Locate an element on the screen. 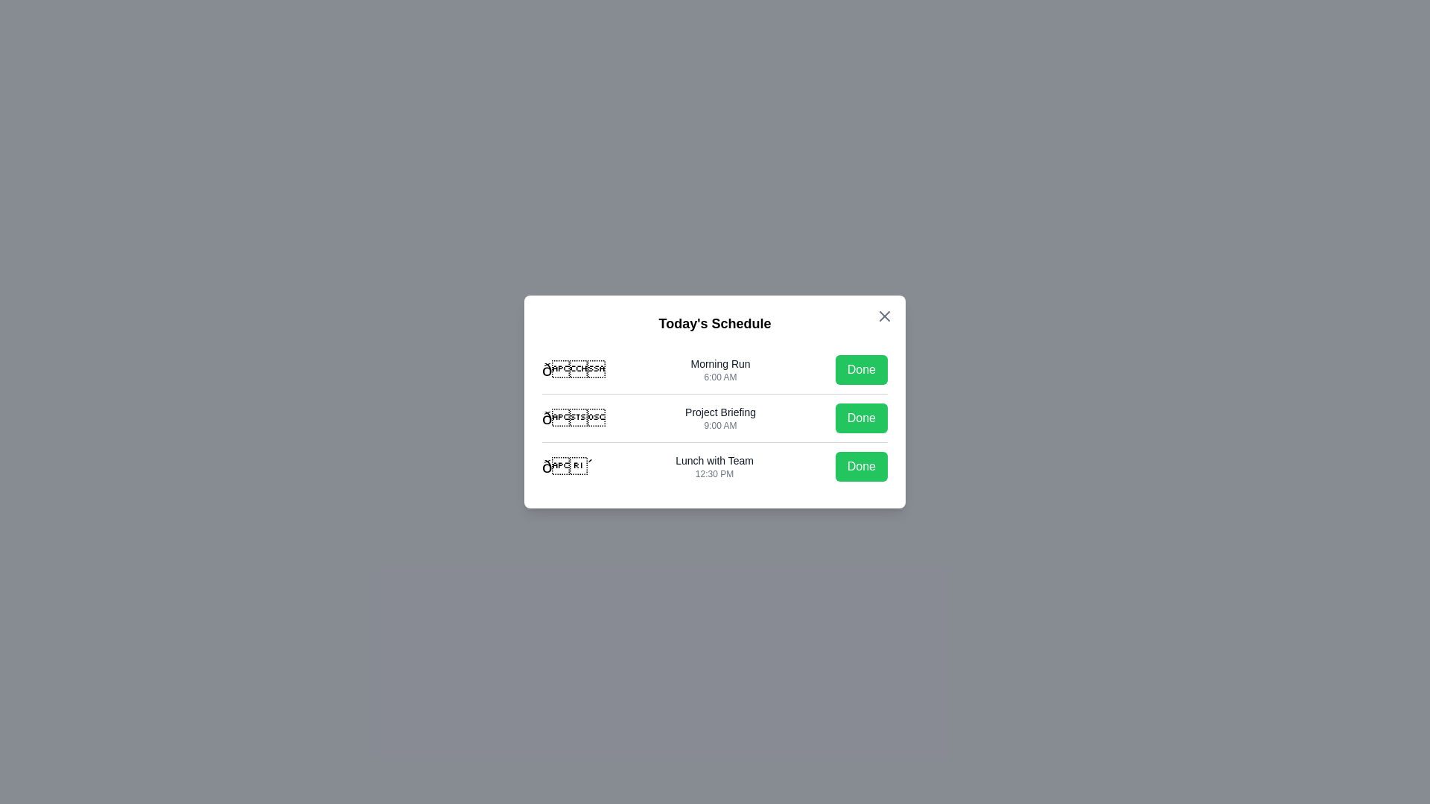 This screenshot has height=804, width=1430. 'Done' button for the task 'Morning Run' is located at coordinates (861, 369).